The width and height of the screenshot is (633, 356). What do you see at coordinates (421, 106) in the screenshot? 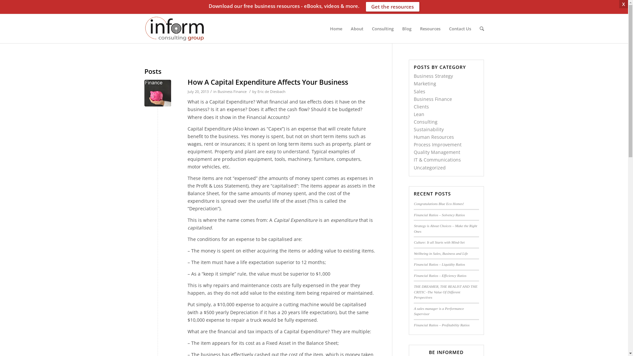
I see `'Clients'` at bounding box center [421, 106].